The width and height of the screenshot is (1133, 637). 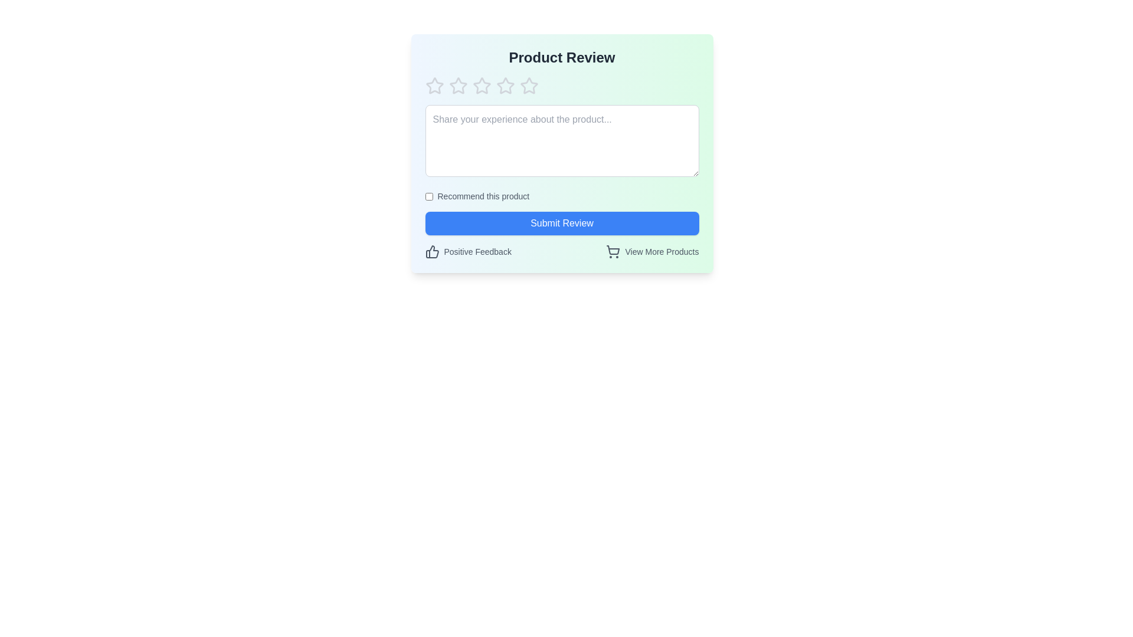 I want to click on the product rating to 1 stars by clicking on the respective star, so click(x=434, y=86).